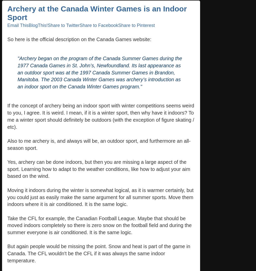 The height and width of the screenshot is (271, 256). What do you see at coordinates (101, 116) in the screenshot?
I see `'If the concept of archery being an indoor sport with winter competitions seems weird to you, I agree. It is weird. I mean, if it is a winter sport, then why have it indoors? To me a winter sport should definitely be outdoors (with the exception of figure skating / etc).'` at bounding box center [101, 116].